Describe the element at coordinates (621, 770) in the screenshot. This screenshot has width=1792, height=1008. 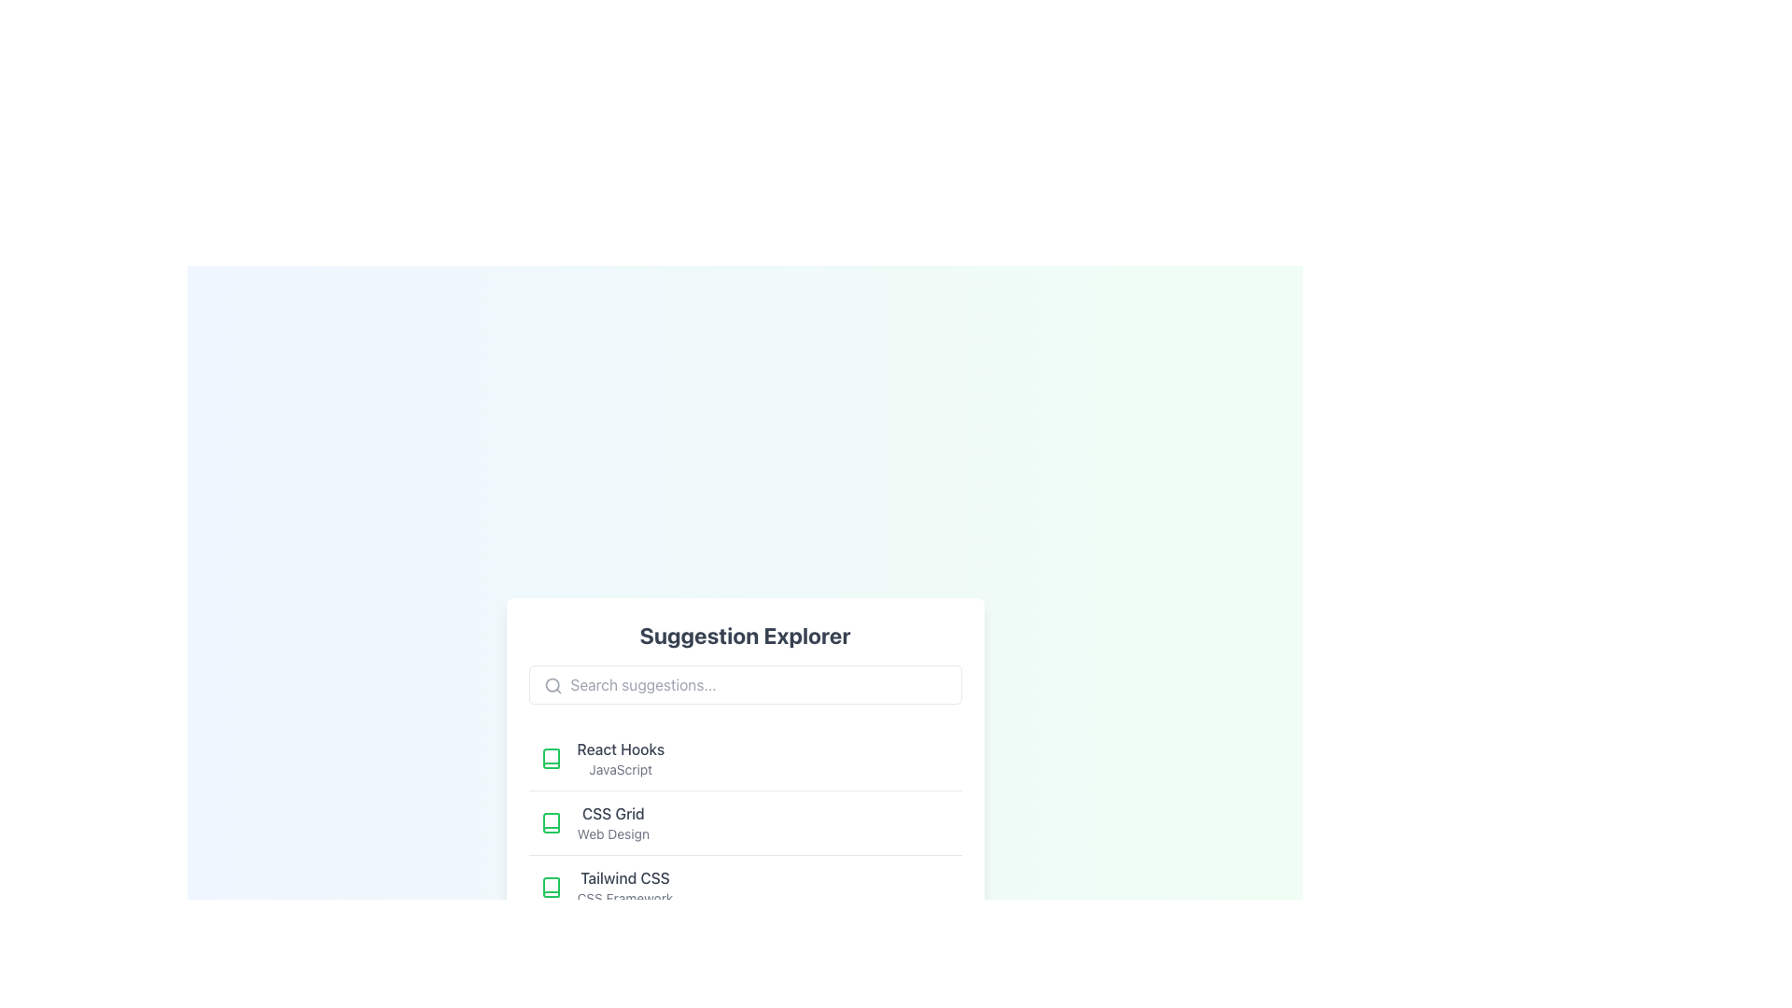
I see `text label providing contextual information about 'React Hooks' in the 'Suggestion Explorer' drop-down menu` at that location.